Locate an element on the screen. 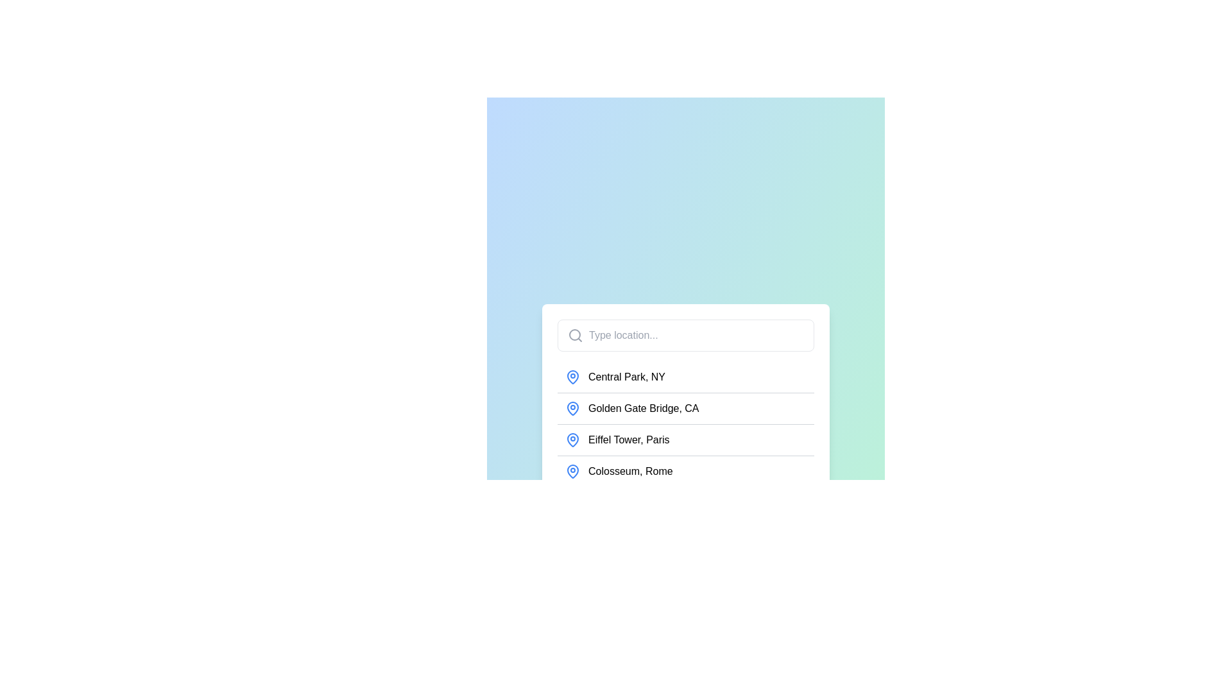 The height and width of the screenshot is (693, 1232). the text label displaying the location 'Colosseum, Rome', which is the fourth entry in a vertical list of selectable locations is located at coordinates (630, 472).